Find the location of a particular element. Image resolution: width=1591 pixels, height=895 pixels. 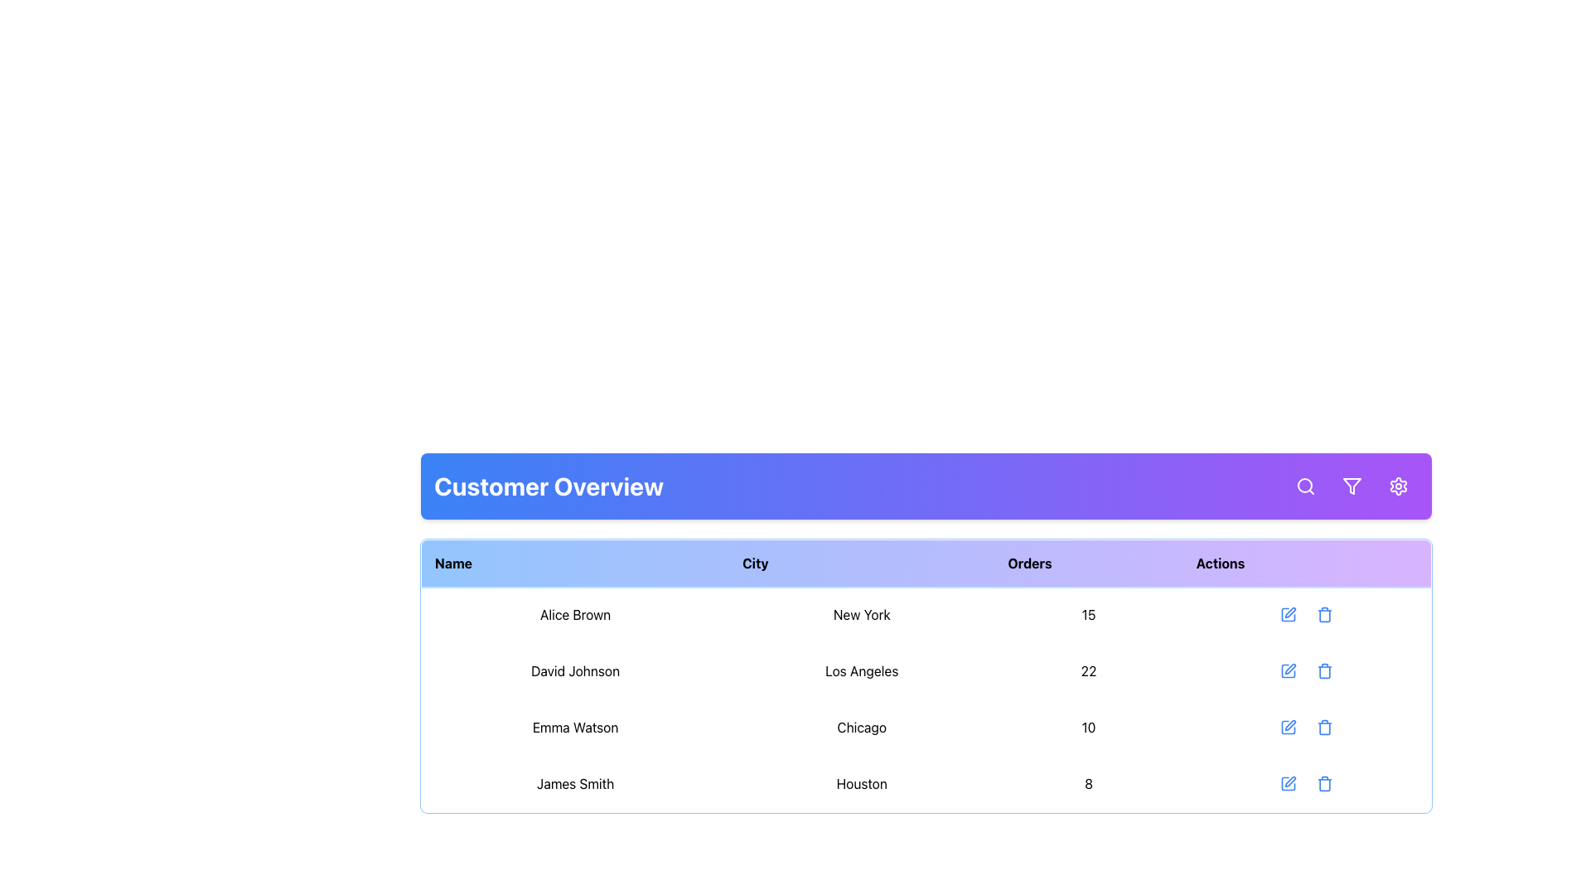

the settings icon located on the far-right side of the upper navigation bar with a gradient purple background is located at coordinates (1398, 485).